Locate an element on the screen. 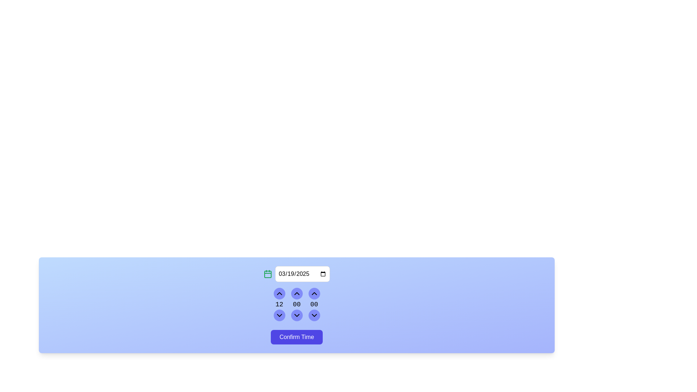 The height and width of the screenshot is (392, 697). the button located below the text '00' that decreases the value associated with the time control is located at coordinates (314, 315).